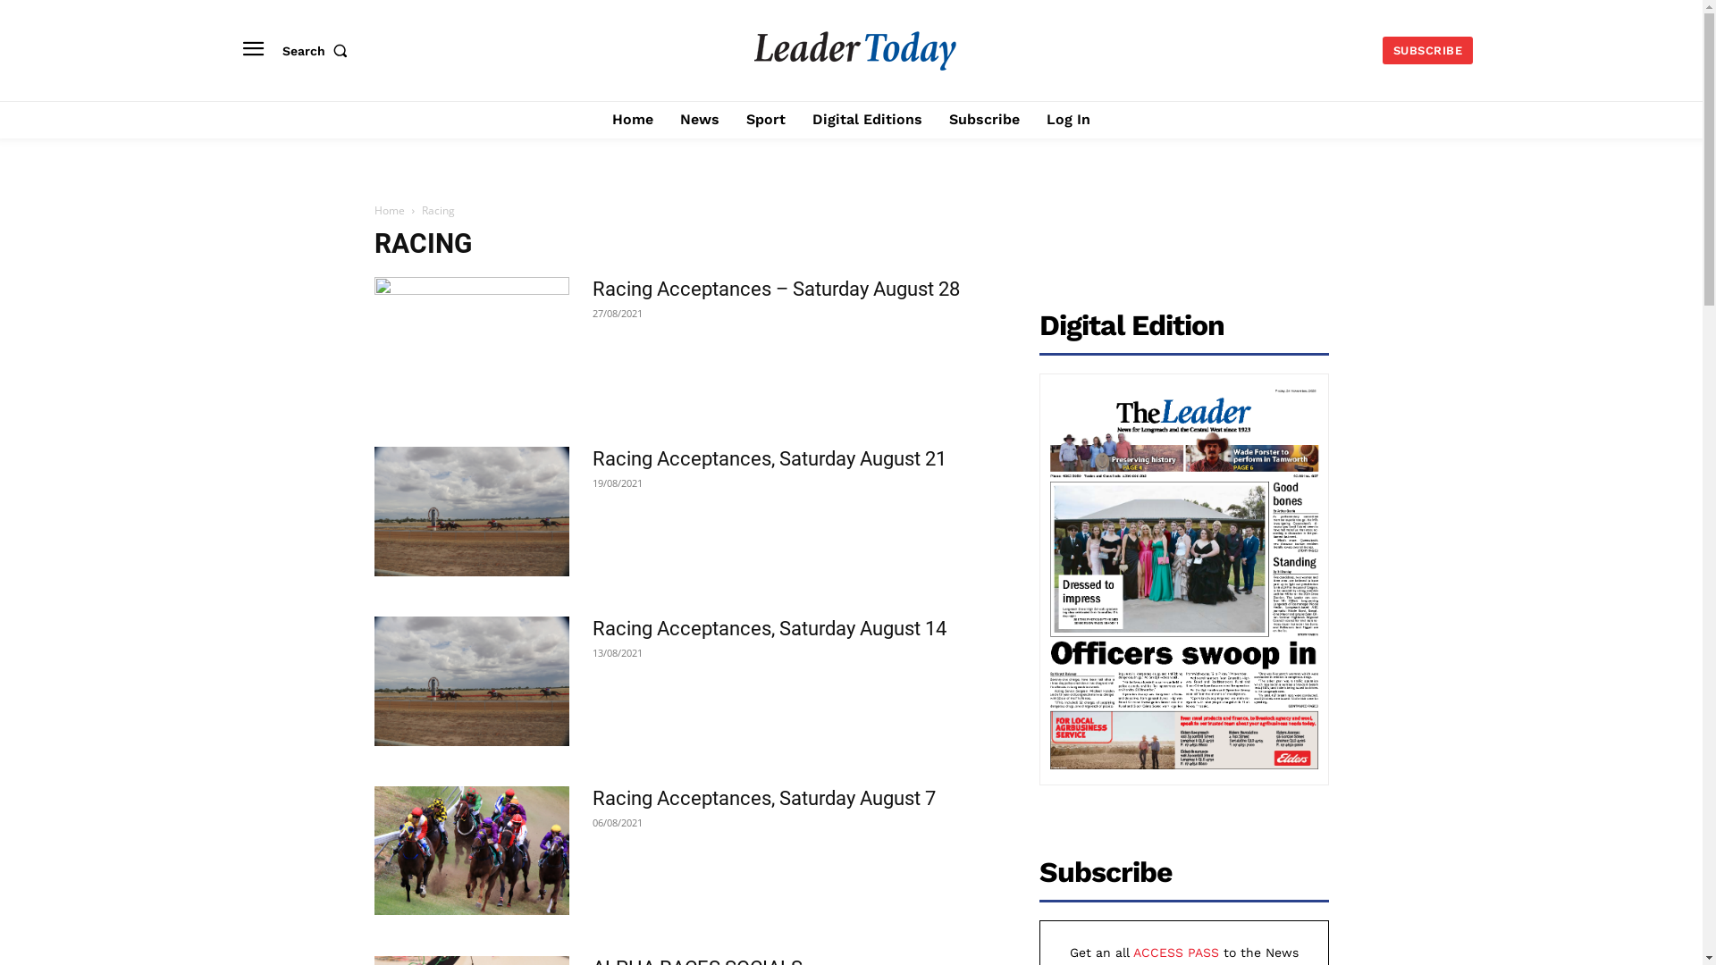  Describe the element at coordinates (318, 50) in the screenshot. I see `'Search'` at that location.